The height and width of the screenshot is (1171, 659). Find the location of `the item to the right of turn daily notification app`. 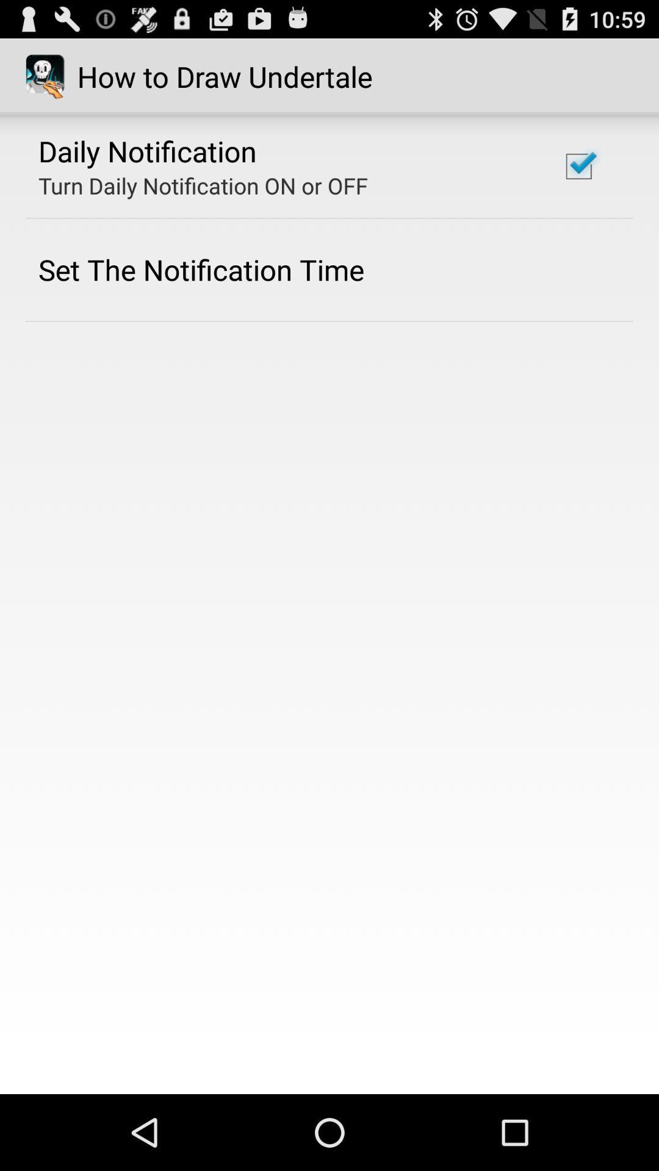

the item to the right of turn daily notification app is located at coordinates (578, 166).